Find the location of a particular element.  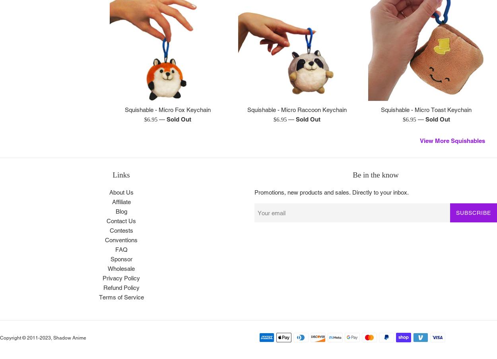

'Privacy Policy' is located at coordinates (103, 278).